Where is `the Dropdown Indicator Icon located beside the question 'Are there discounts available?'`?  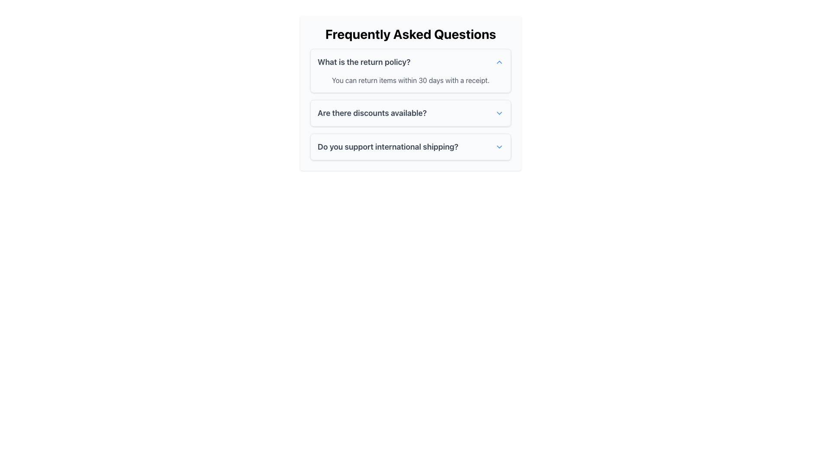
the Dropdown Indicator Icon located beside the question 'Are there discounts available?' is located at coordinates (499, 113).